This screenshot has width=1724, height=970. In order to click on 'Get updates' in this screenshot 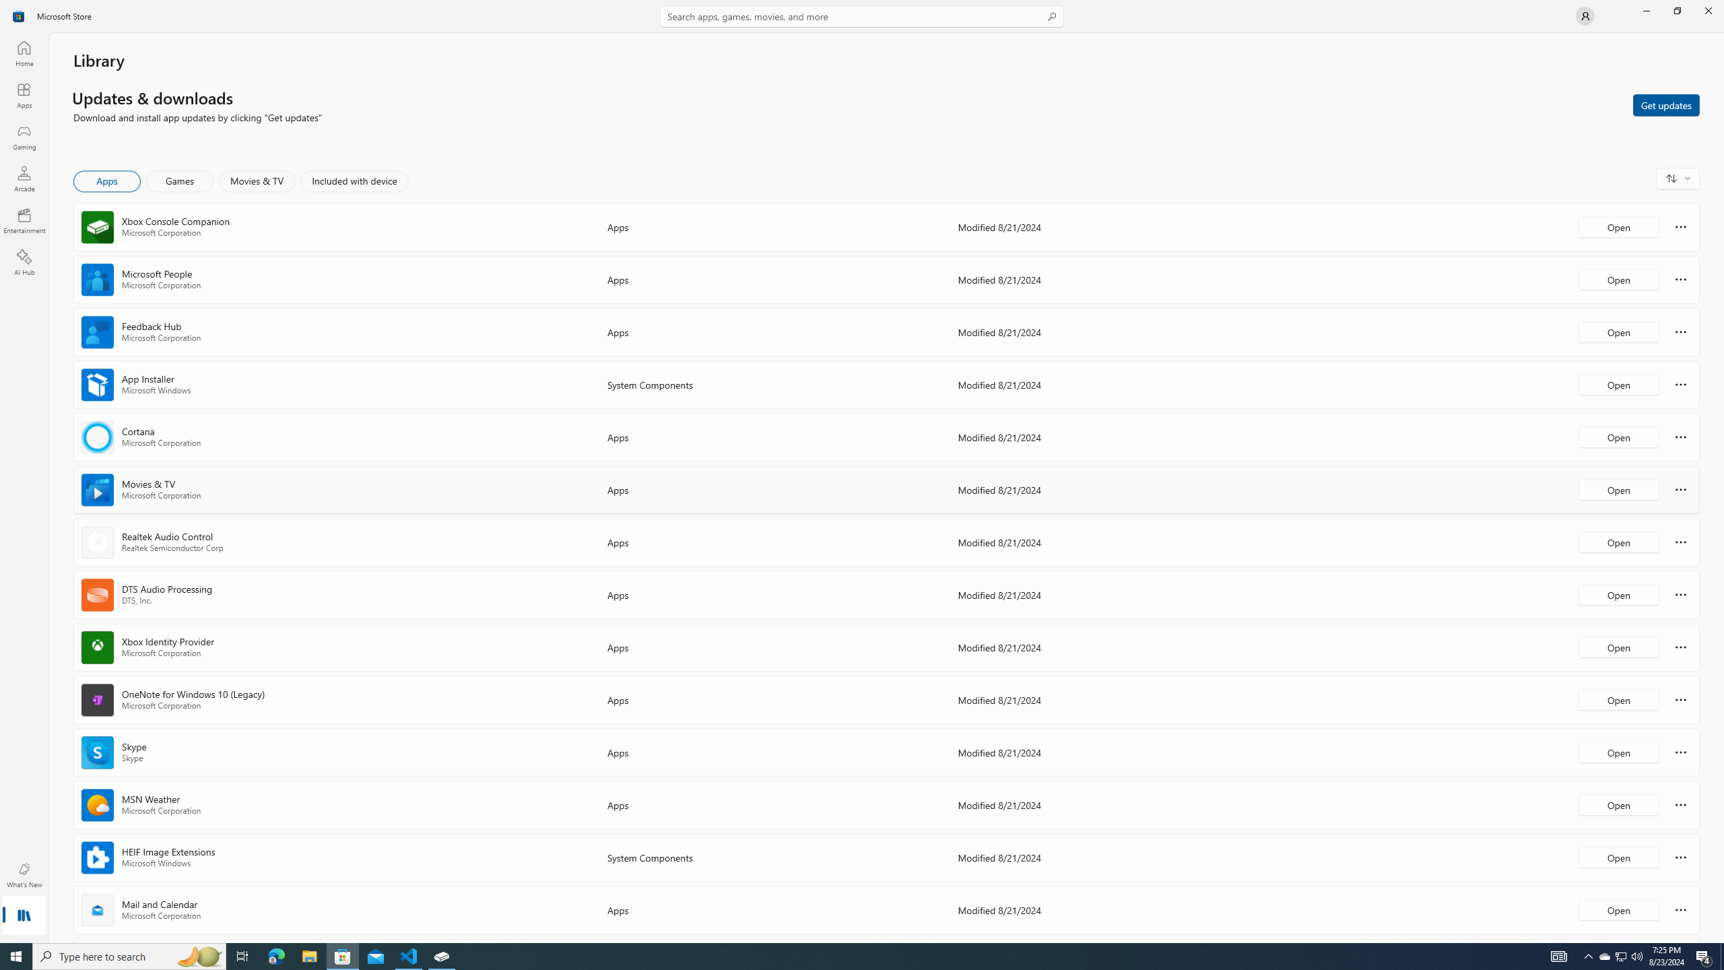, I will do `click(1666, 104)`.